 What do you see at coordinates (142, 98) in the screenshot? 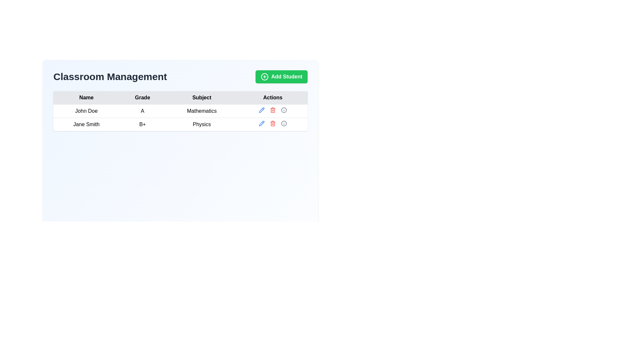
I see `the 'Grade' column header in the table, which is the second column header located between the 'Name' and 'Subject' columns` at bounding box center [142, 98].